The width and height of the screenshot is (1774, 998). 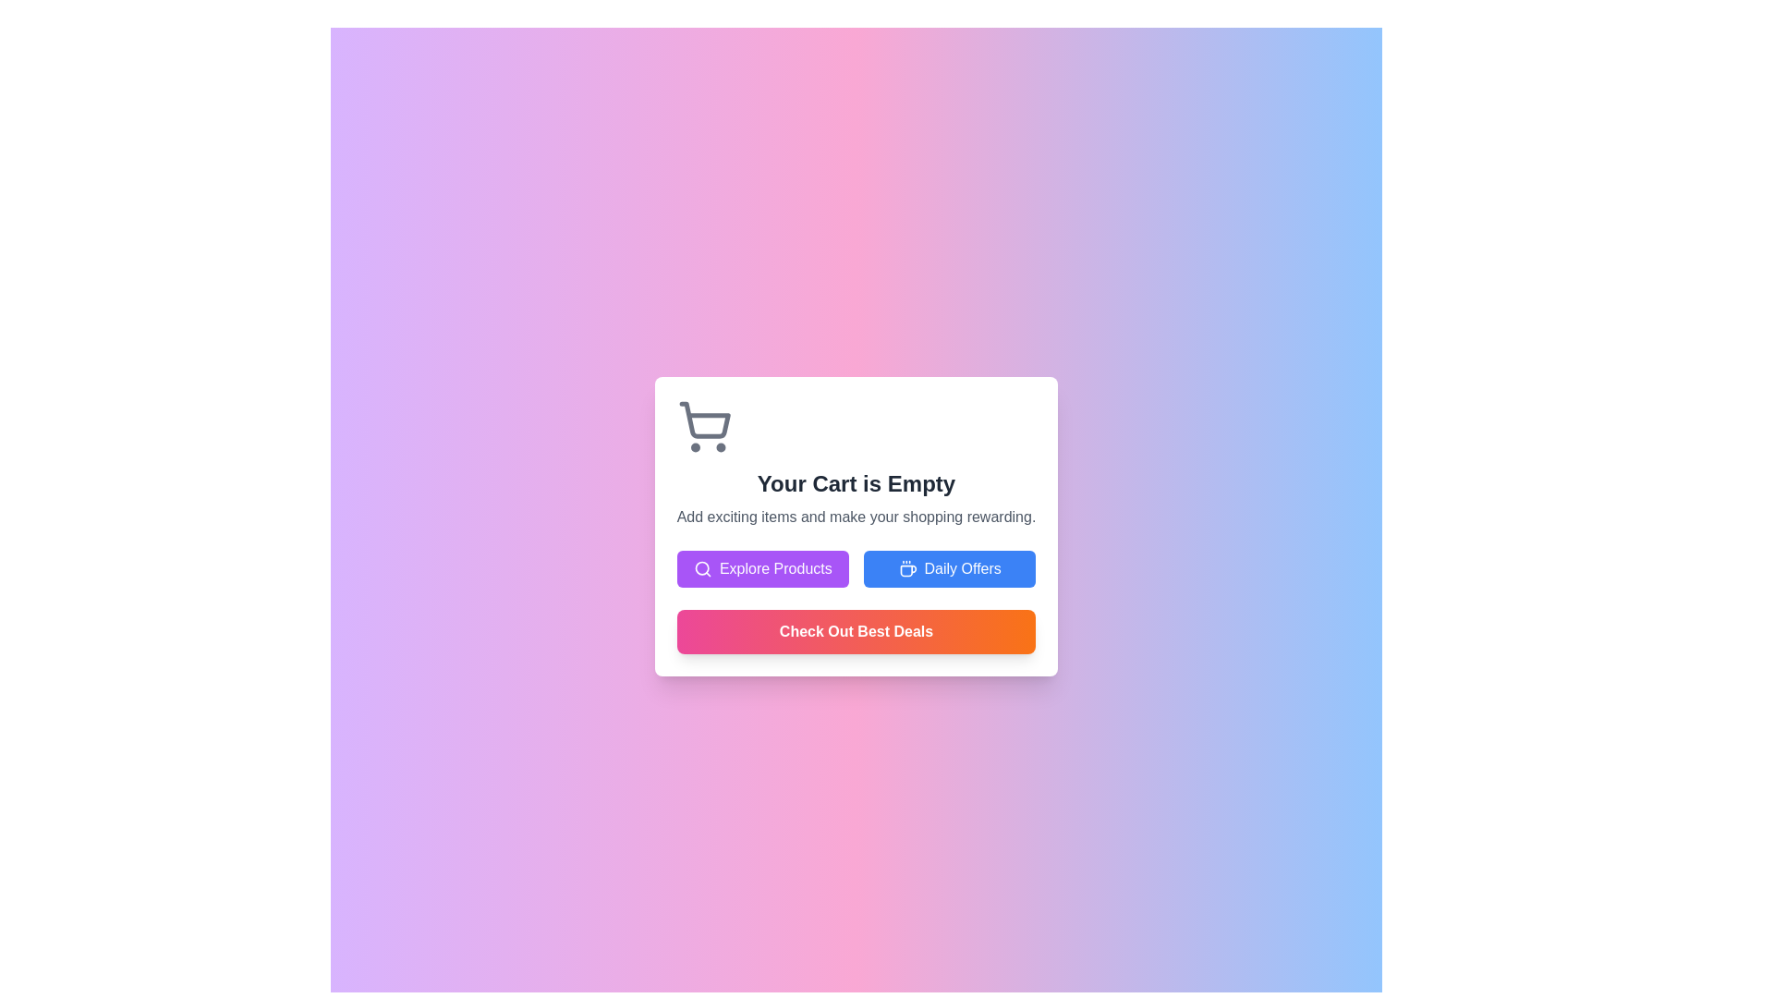 What do you see at coordinates (703, 427) in the screenshot?
I see `the shopping cart icon located at the top left corner of the card, which serves as an indicator for the empty cart status` at bounding box center [703, 427].